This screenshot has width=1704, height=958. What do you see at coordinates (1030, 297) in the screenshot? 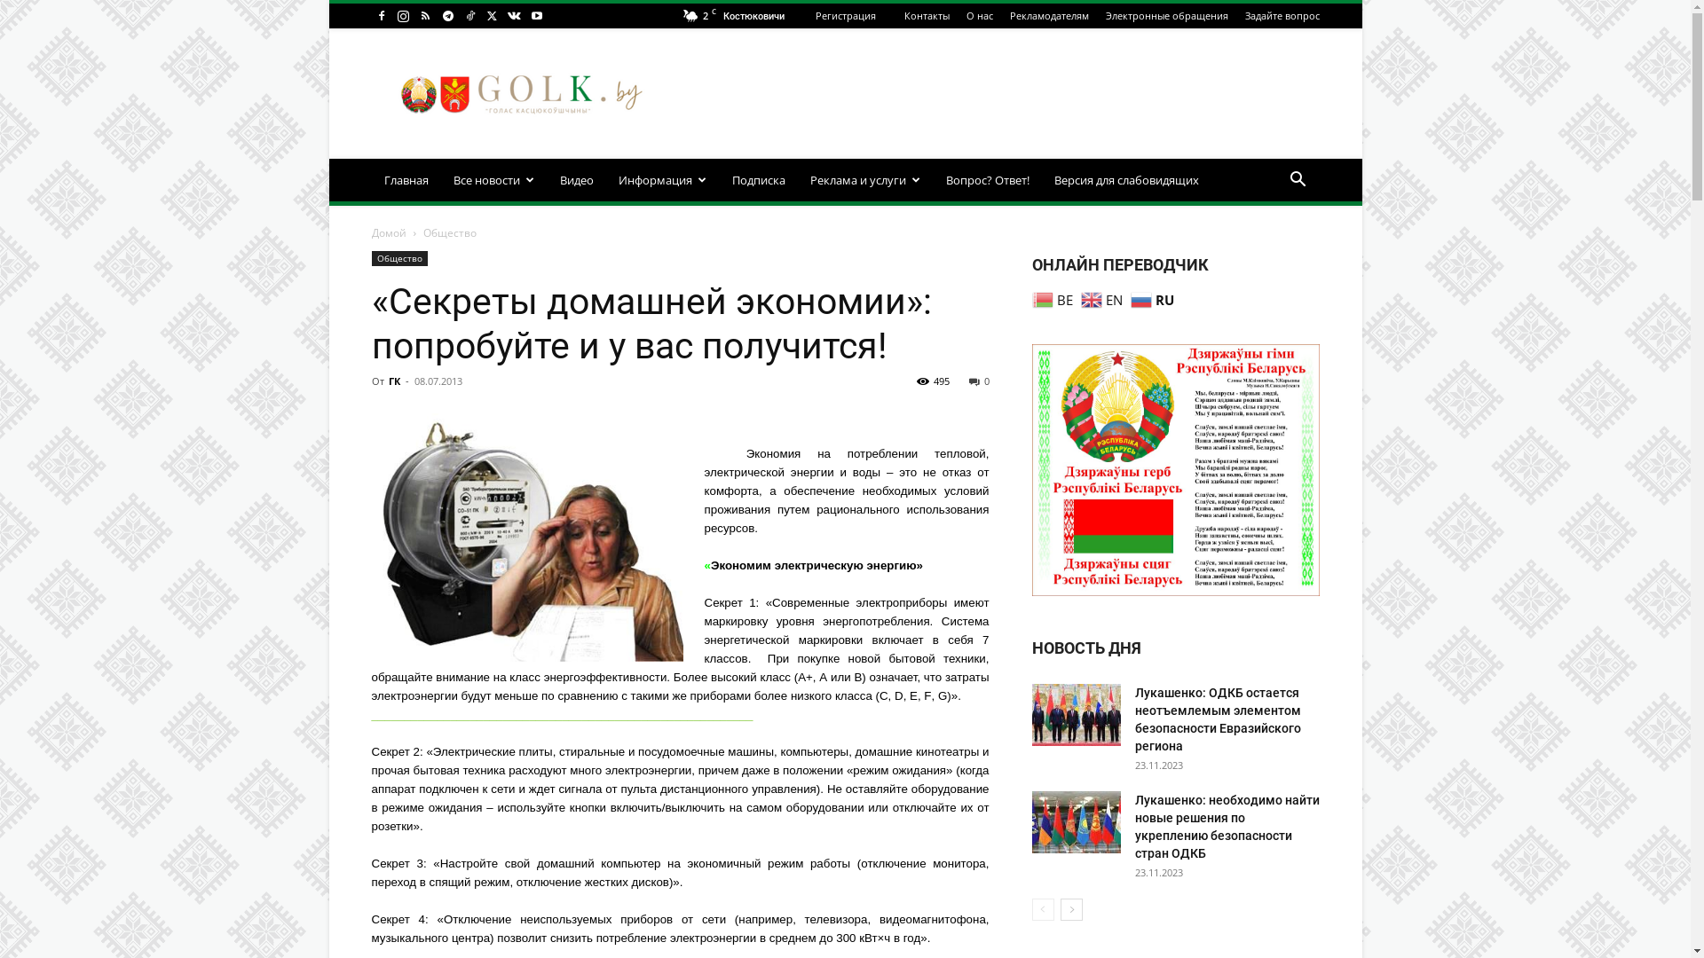
I see `'BE'` at bounding box center [1030, 297].